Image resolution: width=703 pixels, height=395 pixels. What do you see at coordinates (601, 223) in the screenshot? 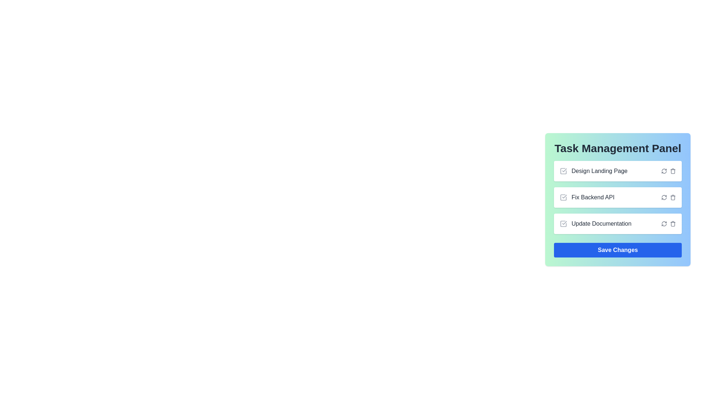
I see `the text label reading 'Update Documentation' located in the 'Task Management Panel', positioned to the right of a checkbox and before refresh and delete icons` at bounding box center [601, 223].